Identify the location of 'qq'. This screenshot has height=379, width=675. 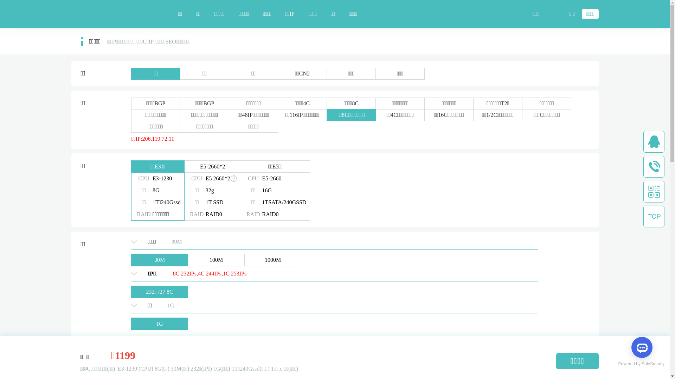
(654, 142).